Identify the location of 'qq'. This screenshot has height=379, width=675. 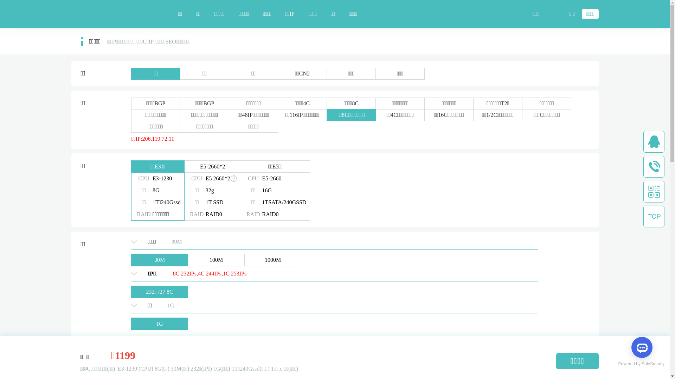
(654, 142).